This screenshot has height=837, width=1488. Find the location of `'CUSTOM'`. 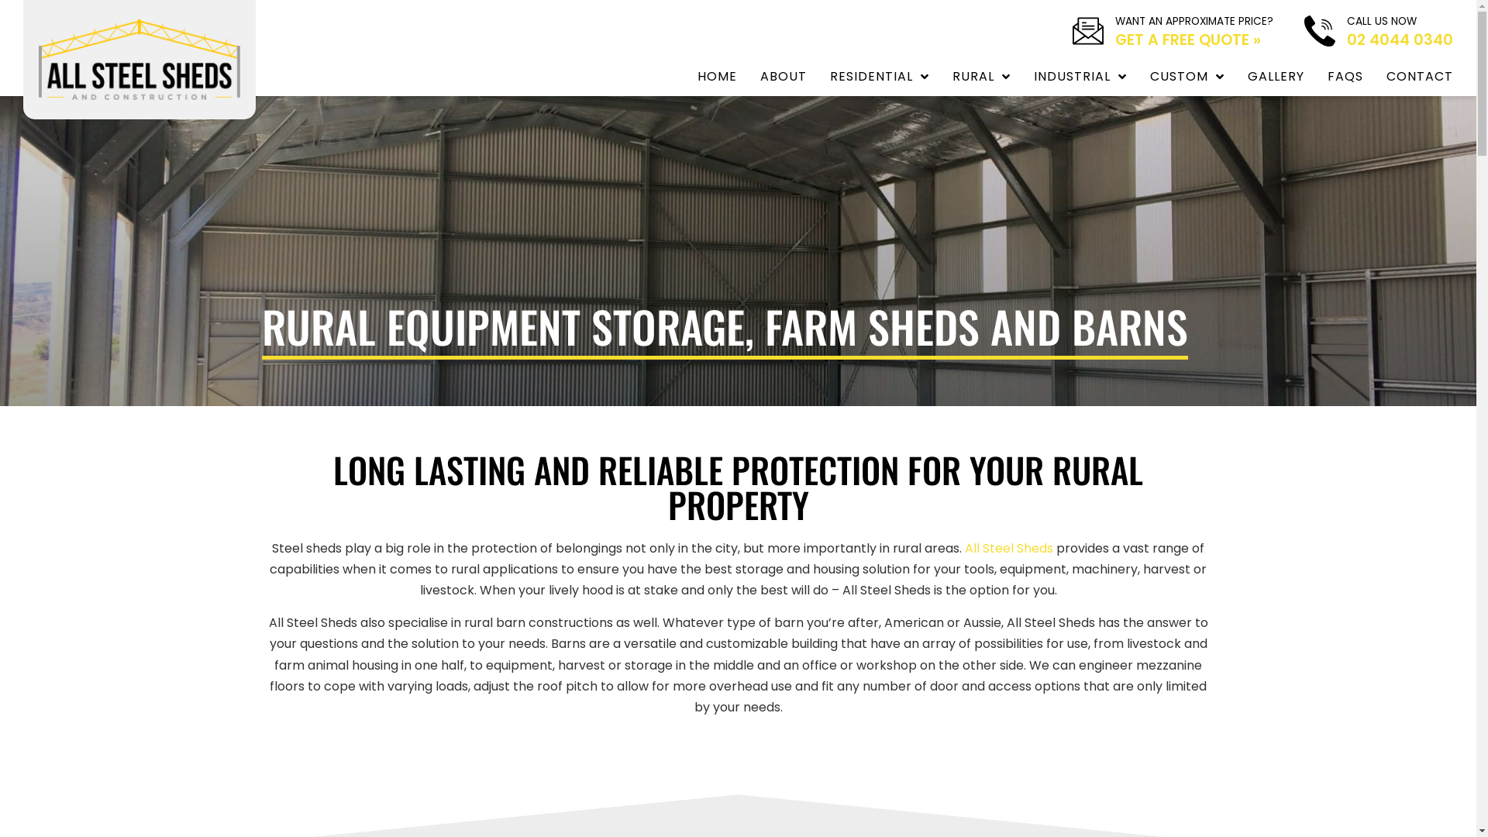

'CUSTOM' is located at coordinates (1186, 77).